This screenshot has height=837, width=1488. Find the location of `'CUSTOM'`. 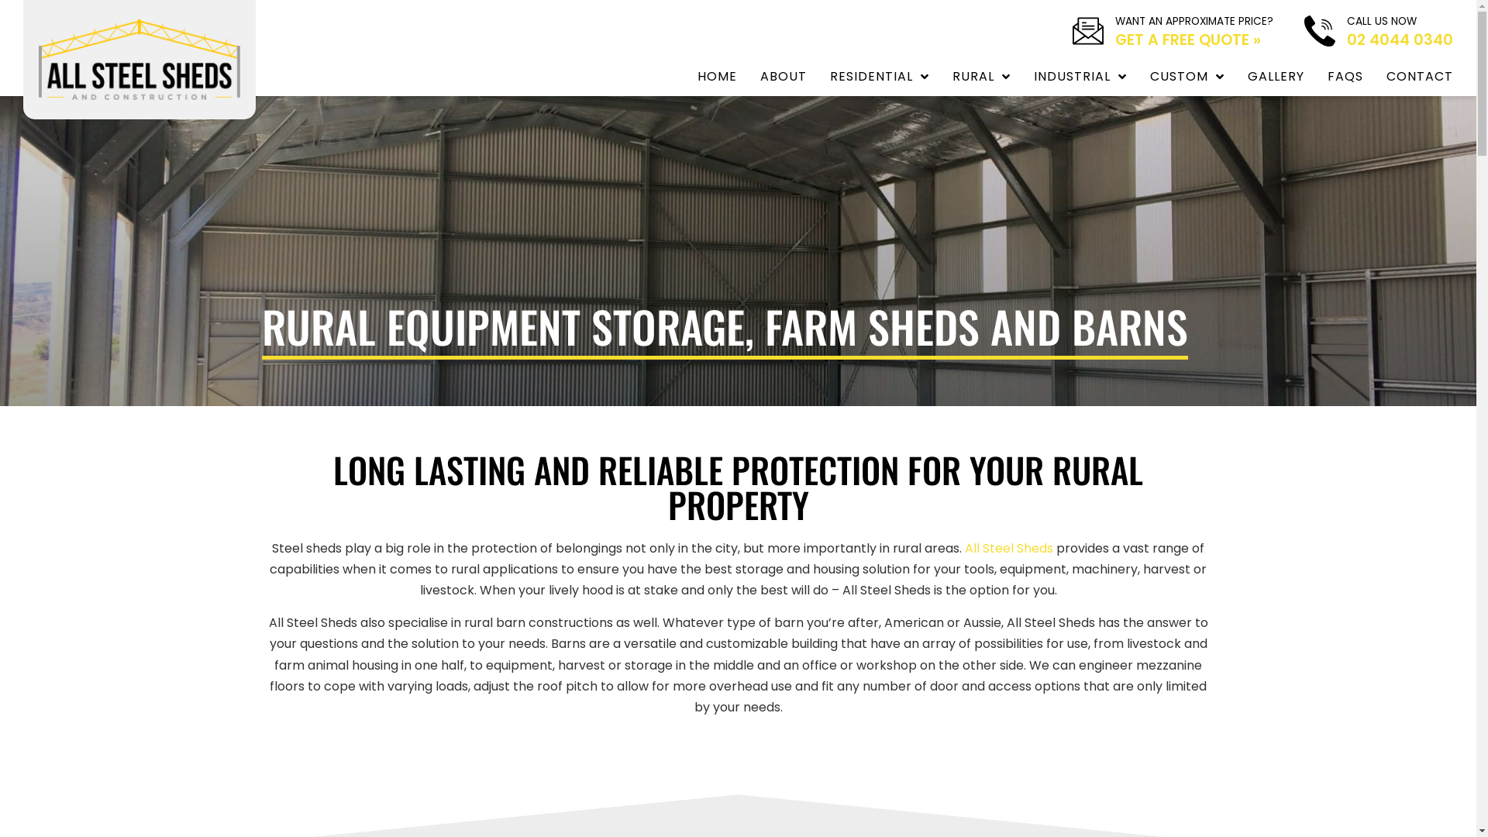

'CUSTOM' is located at coordinates (1186, 77).